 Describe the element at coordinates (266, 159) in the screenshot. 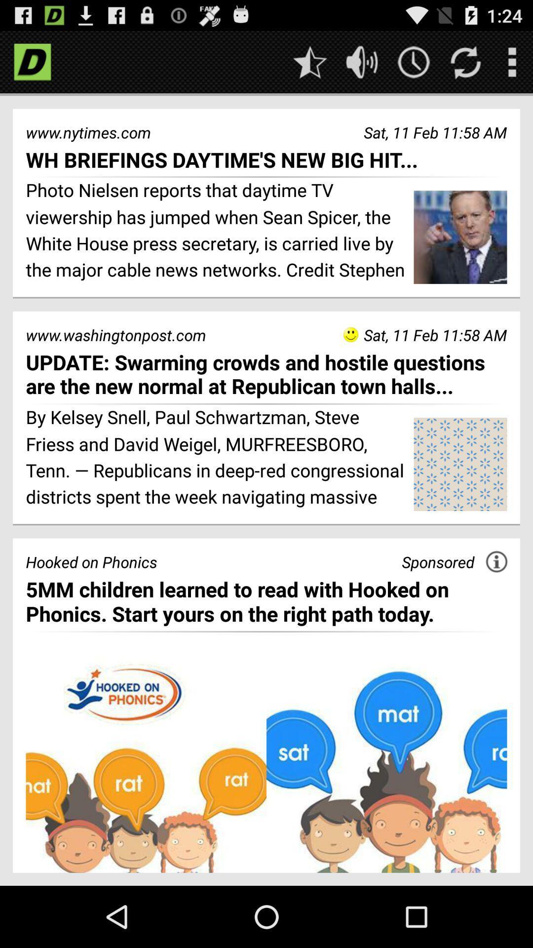

I see `wh briefings daytime icon` at that location.